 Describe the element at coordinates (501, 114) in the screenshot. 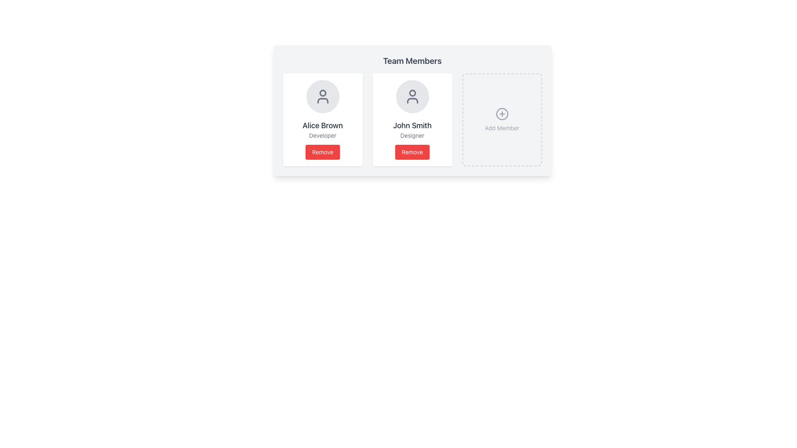

I see `the circular icon with a plus sign (+) inside the 'Add Member' dashed-border box for tooltip or visual feedback` at that location.